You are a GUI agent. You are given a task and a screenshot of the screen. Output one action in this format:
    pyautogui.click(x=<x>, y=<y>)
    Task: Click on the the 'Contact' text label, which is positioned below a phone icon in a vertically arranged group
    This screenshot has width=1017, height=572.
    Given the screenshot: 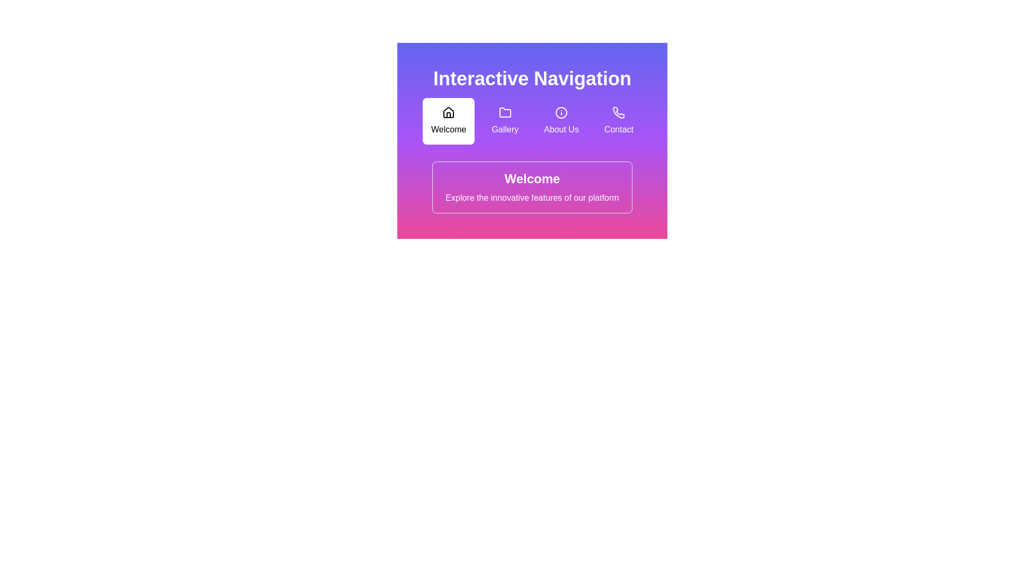 What is the action you would take?
    pyautogui.click(x=619, y=129)
    